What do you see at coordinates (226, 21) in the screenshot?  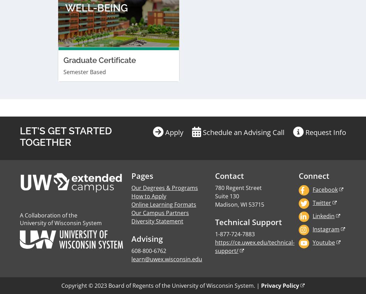 I see `'Suite 130'` at bounding box center [226, 21].